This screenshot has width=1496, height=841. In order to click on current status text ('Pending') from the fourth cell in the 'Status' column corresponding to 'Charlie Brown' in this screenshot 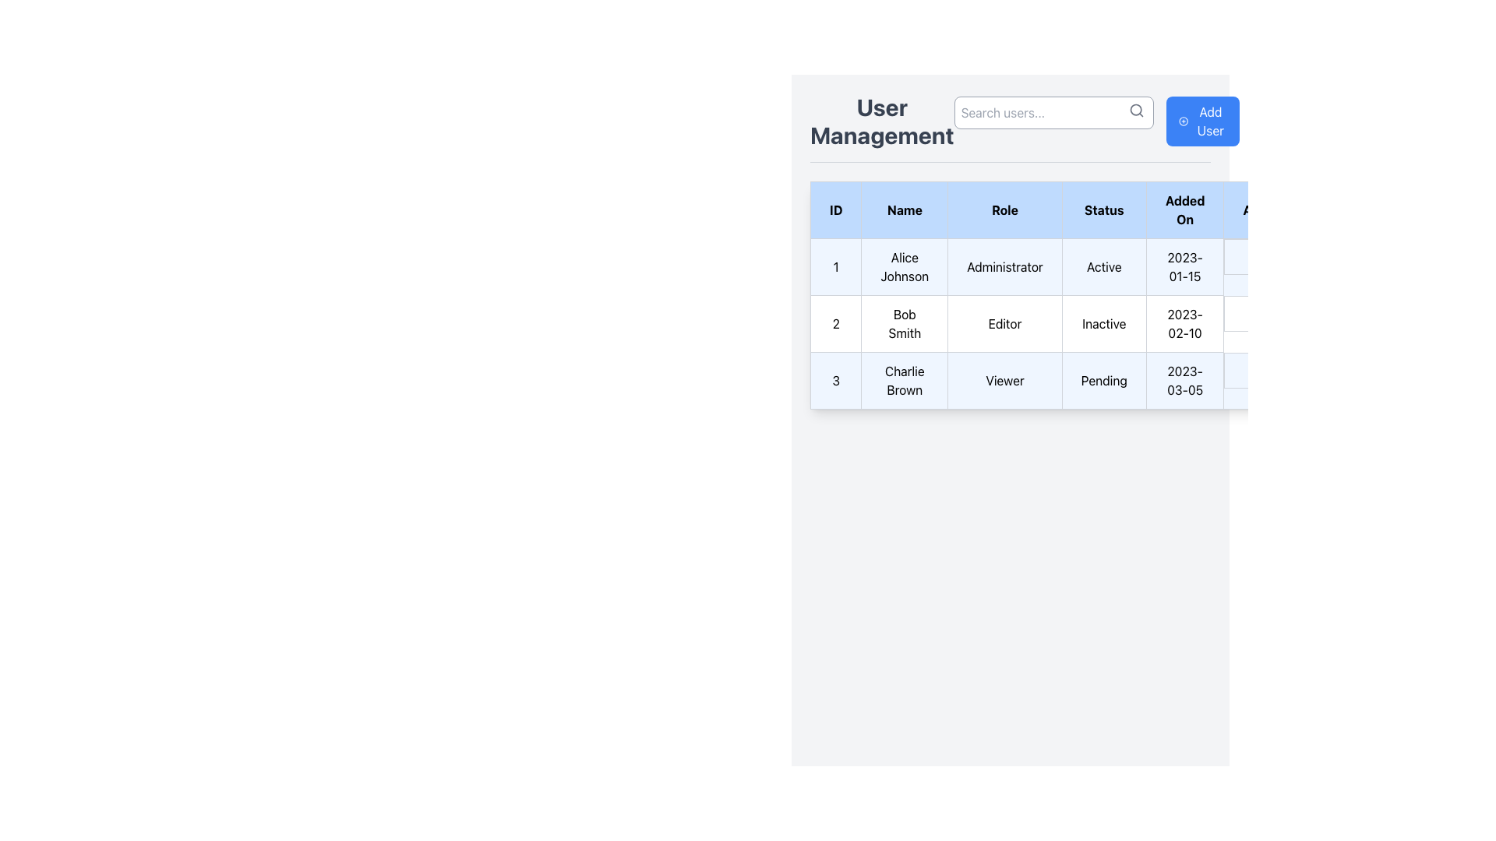, I will do `click(1103, 381)`.